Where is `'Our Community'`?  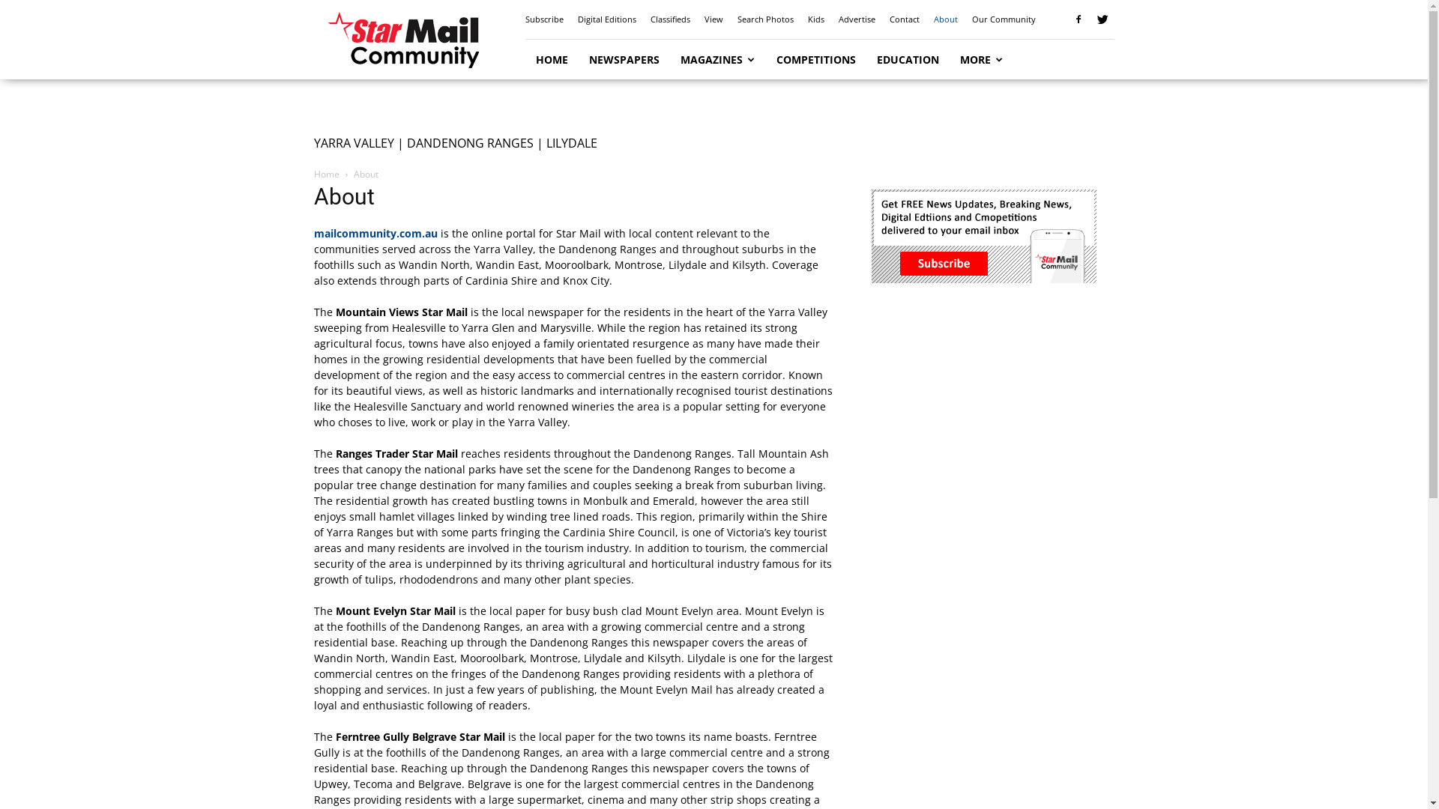
'Our Community' is located at coordinates (1003, 19).